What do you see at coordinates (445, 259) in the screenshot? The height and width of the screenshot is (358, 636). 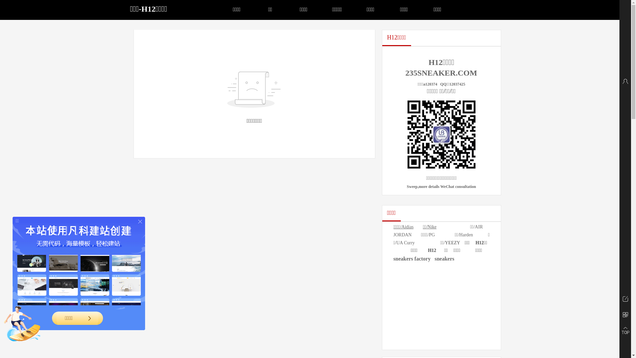 I see `'sneakers'` at bounding box center [445, 259].